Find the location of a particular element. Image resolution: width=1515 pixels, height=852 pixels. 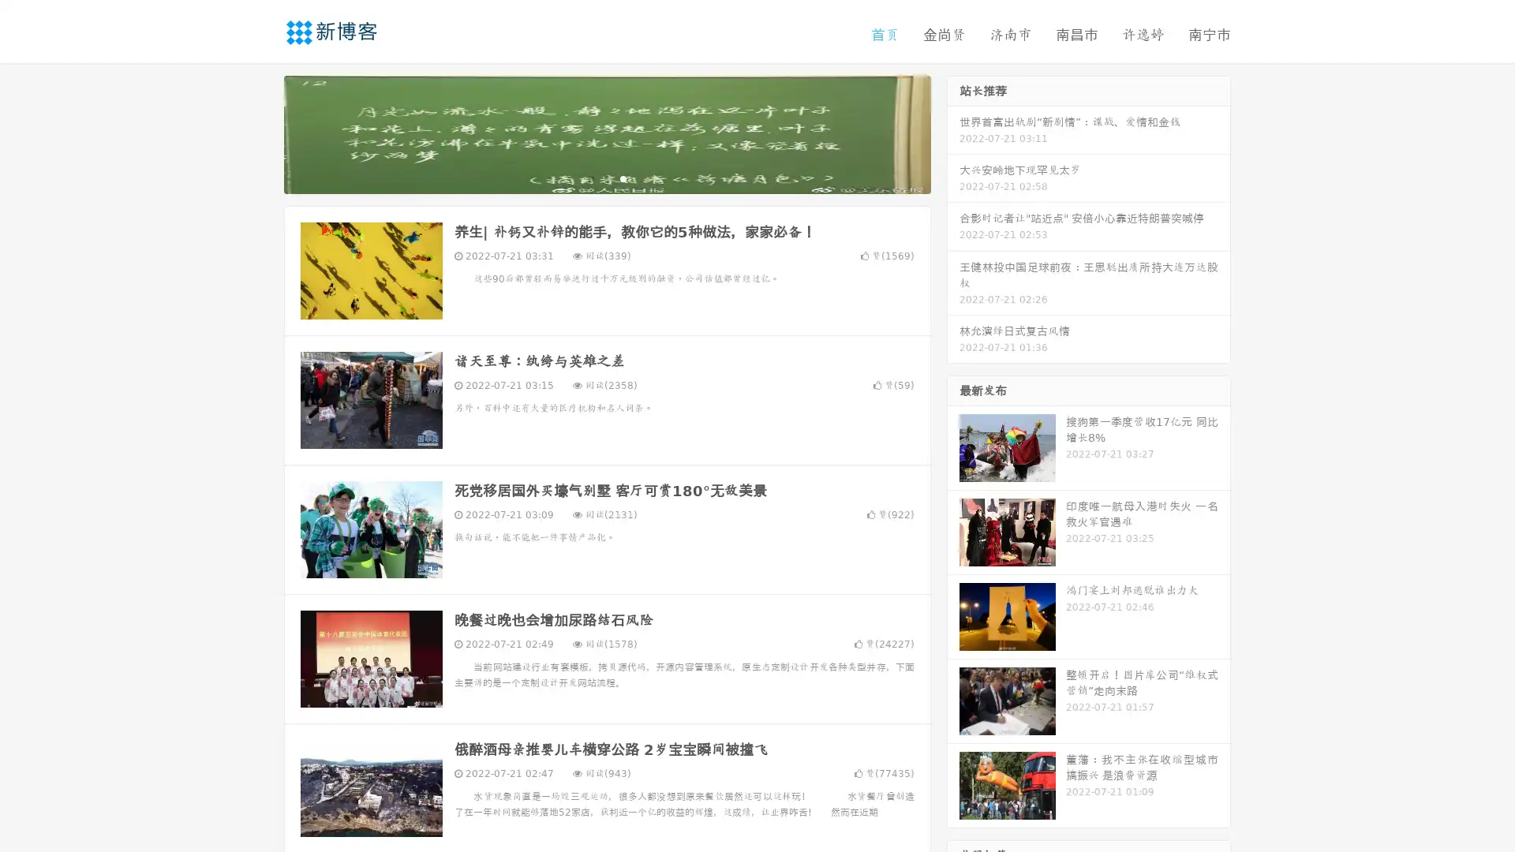

Previous slide is located at coordinates (260, 133).